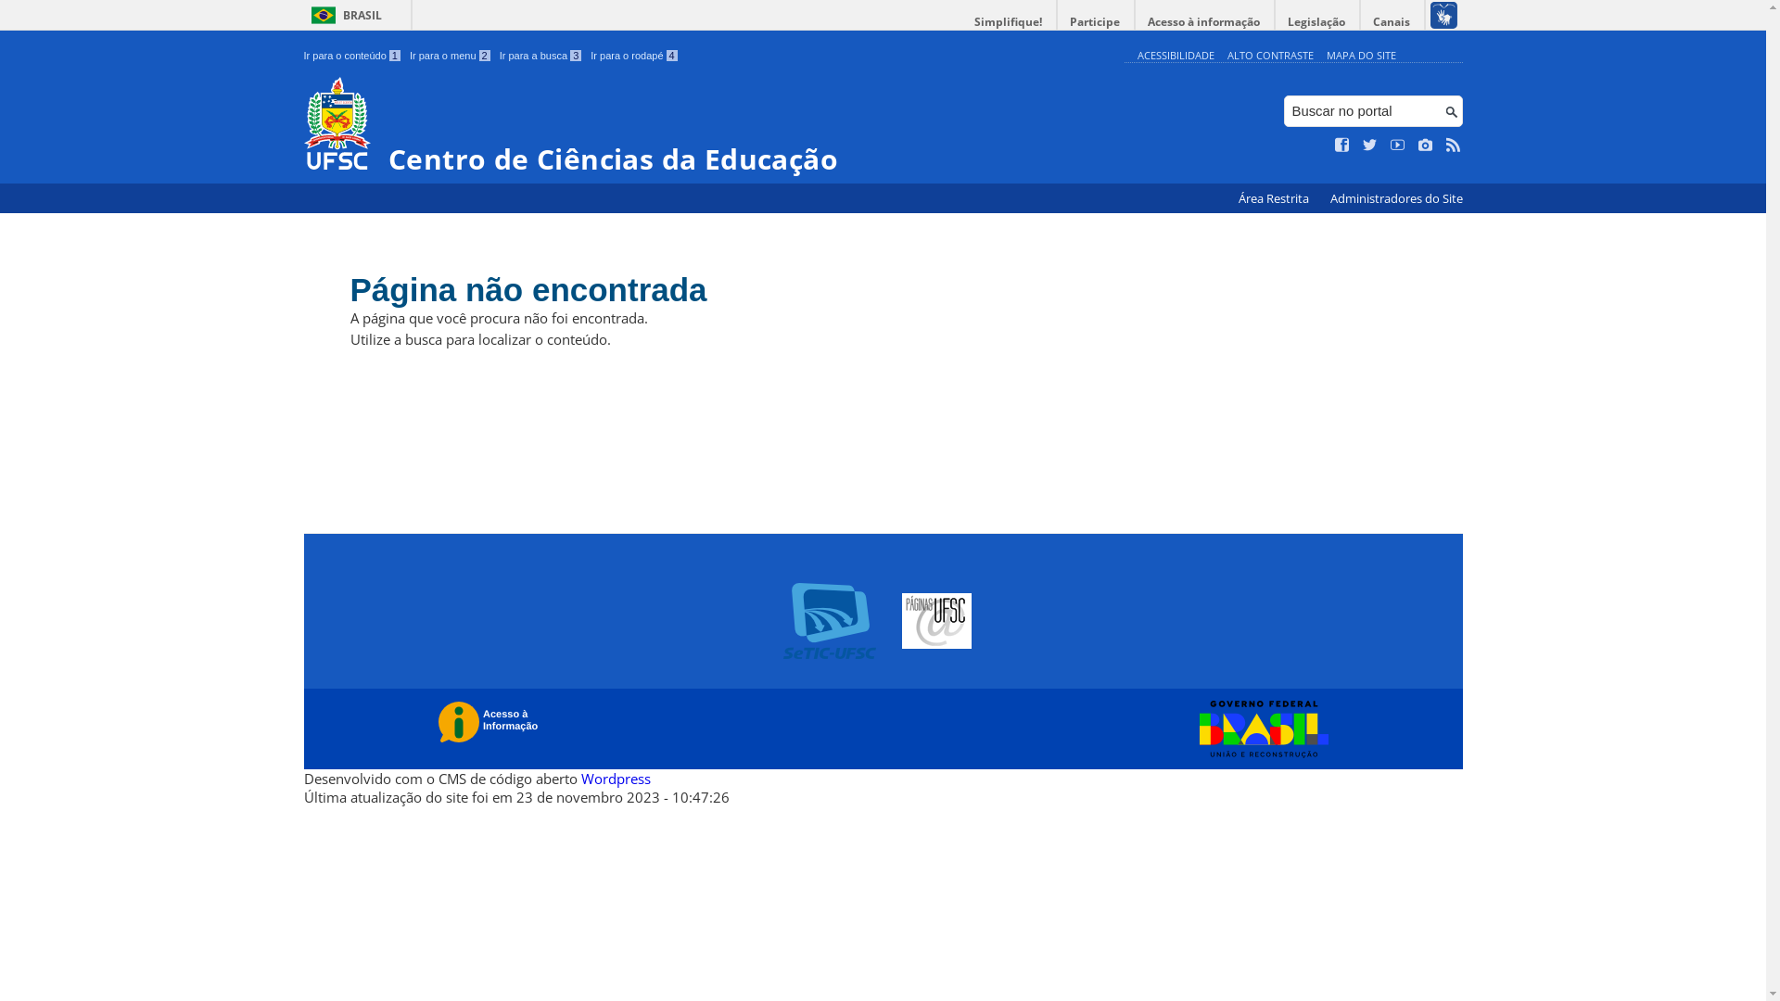 The height and width of the screenshot is (1001, 1780). Describe the element at coordinates (1259, 728) in the screenshot. I see `'Governo Federal'` at that location.